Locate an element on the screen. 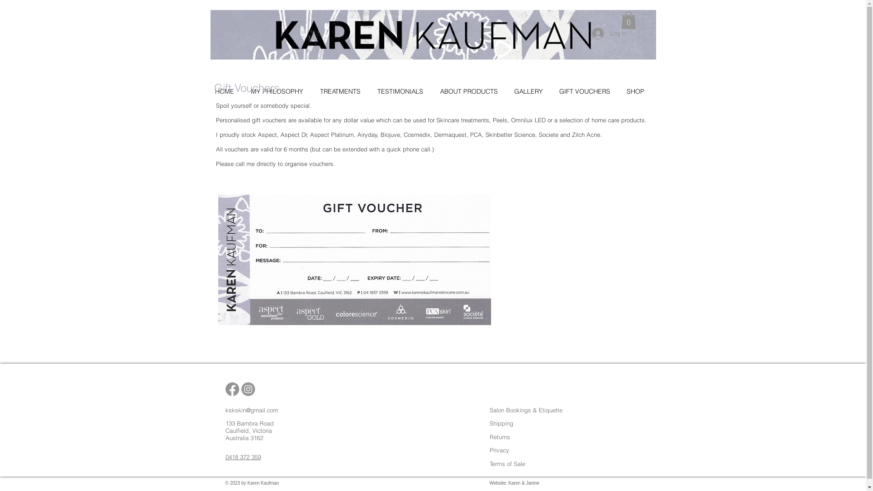  'Terms of Sale' is located at coordinates (506, 463).